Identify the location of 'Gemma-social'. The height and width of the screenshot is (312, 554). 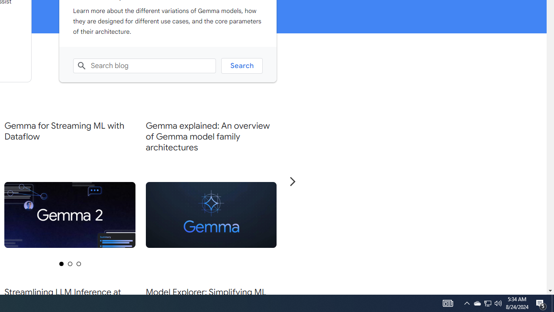
(211, 214).